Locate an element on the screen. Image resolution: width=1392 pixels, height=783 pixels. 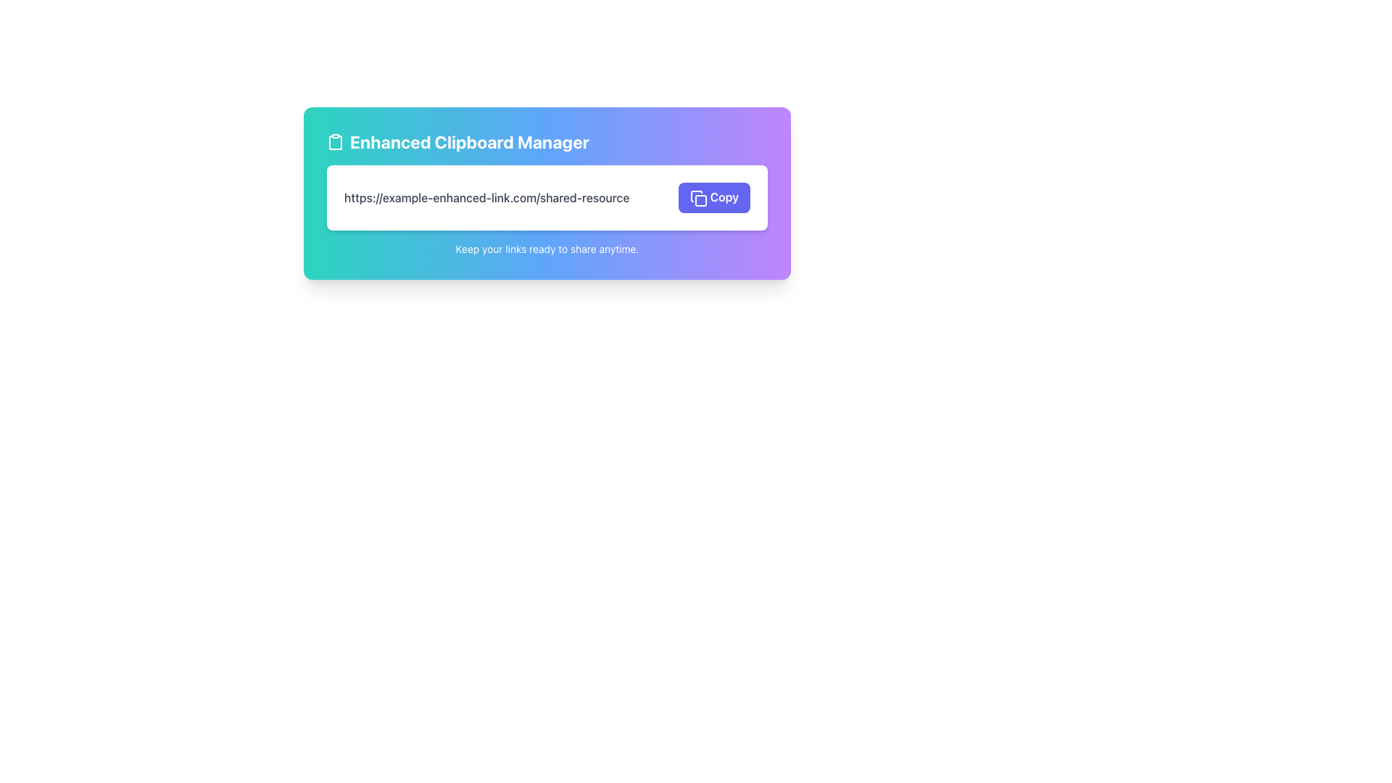
the 'Copy' icon located on the rightmost side of the URL input field, which indicates the 'Copy' functionality is located at coordinates (698, 198).